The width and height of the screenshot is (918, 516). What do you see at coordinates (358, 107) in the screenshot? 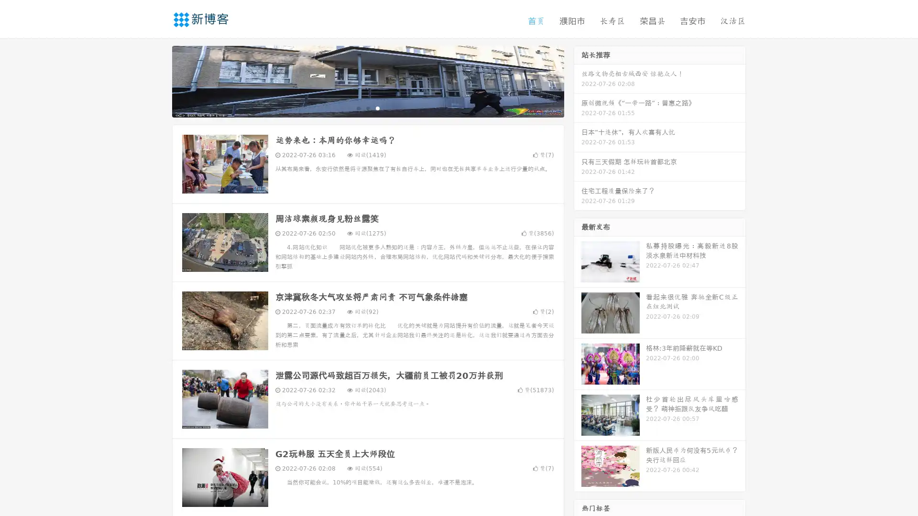
I see `Go to slide 1` at bounding box center [358, 107].